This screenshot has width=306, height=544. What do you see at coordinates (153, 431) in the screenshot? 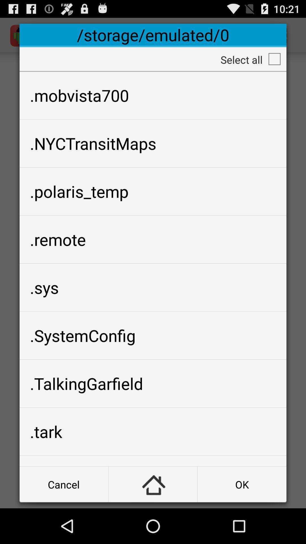
I see `icon below the .talkinggarfield icon` at bounding box center [153, 431].